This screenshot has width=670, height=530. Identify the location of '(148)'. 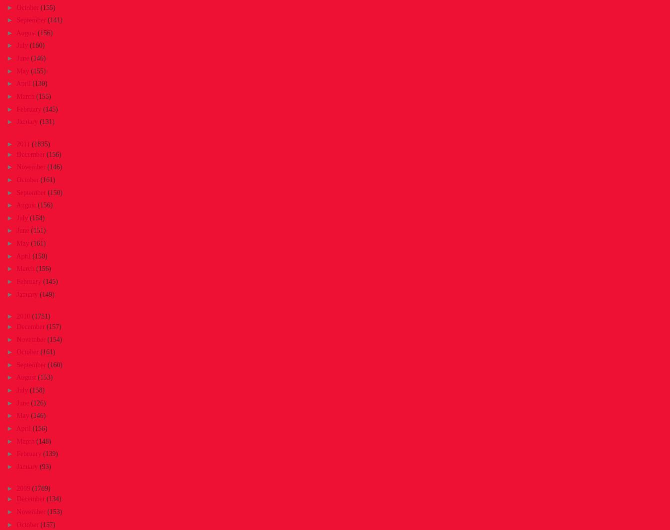
(36, 440).